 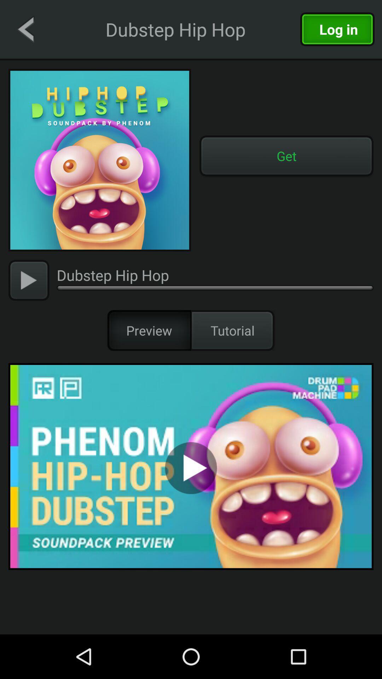 I want to click on the arrow_backward icon, so click(x=25, y=29).